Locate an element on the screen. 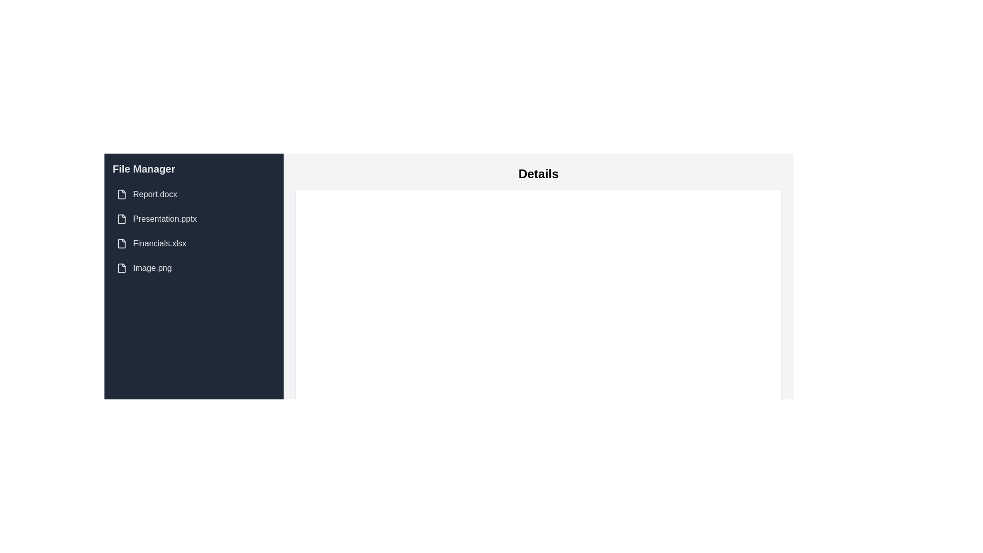 Image resolution: width=983 pixels, height=553 pixels. the List item displaying the file name 'Financials.xlsx' to trigger the hover effect is located at coordinates (194, 243).